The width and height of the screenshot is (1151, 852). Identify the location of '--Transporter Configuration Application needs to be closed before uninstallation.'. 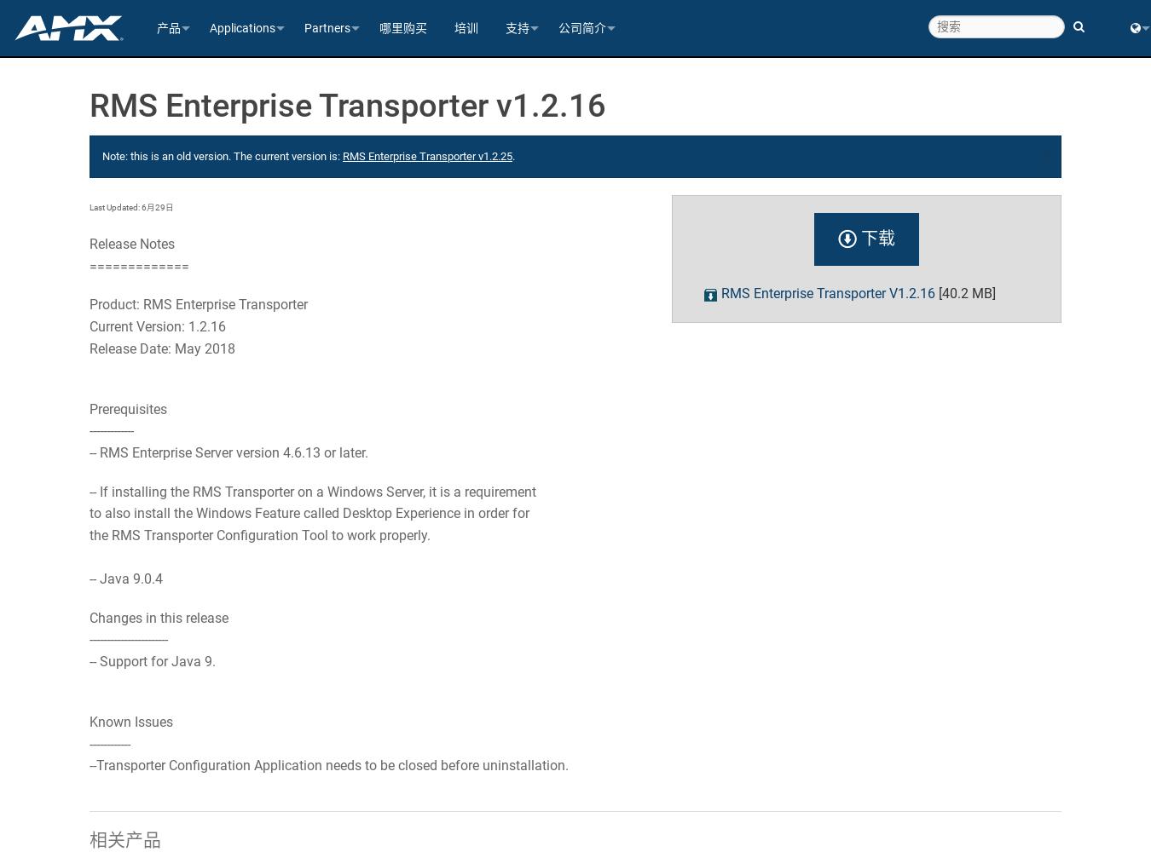
(328, 765).